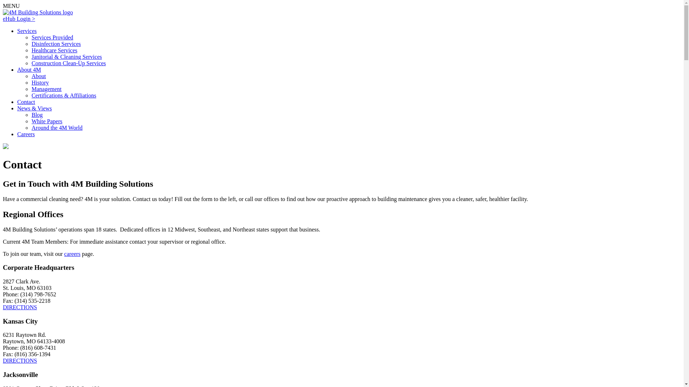  I want to click on 'History', so click(39, 82).